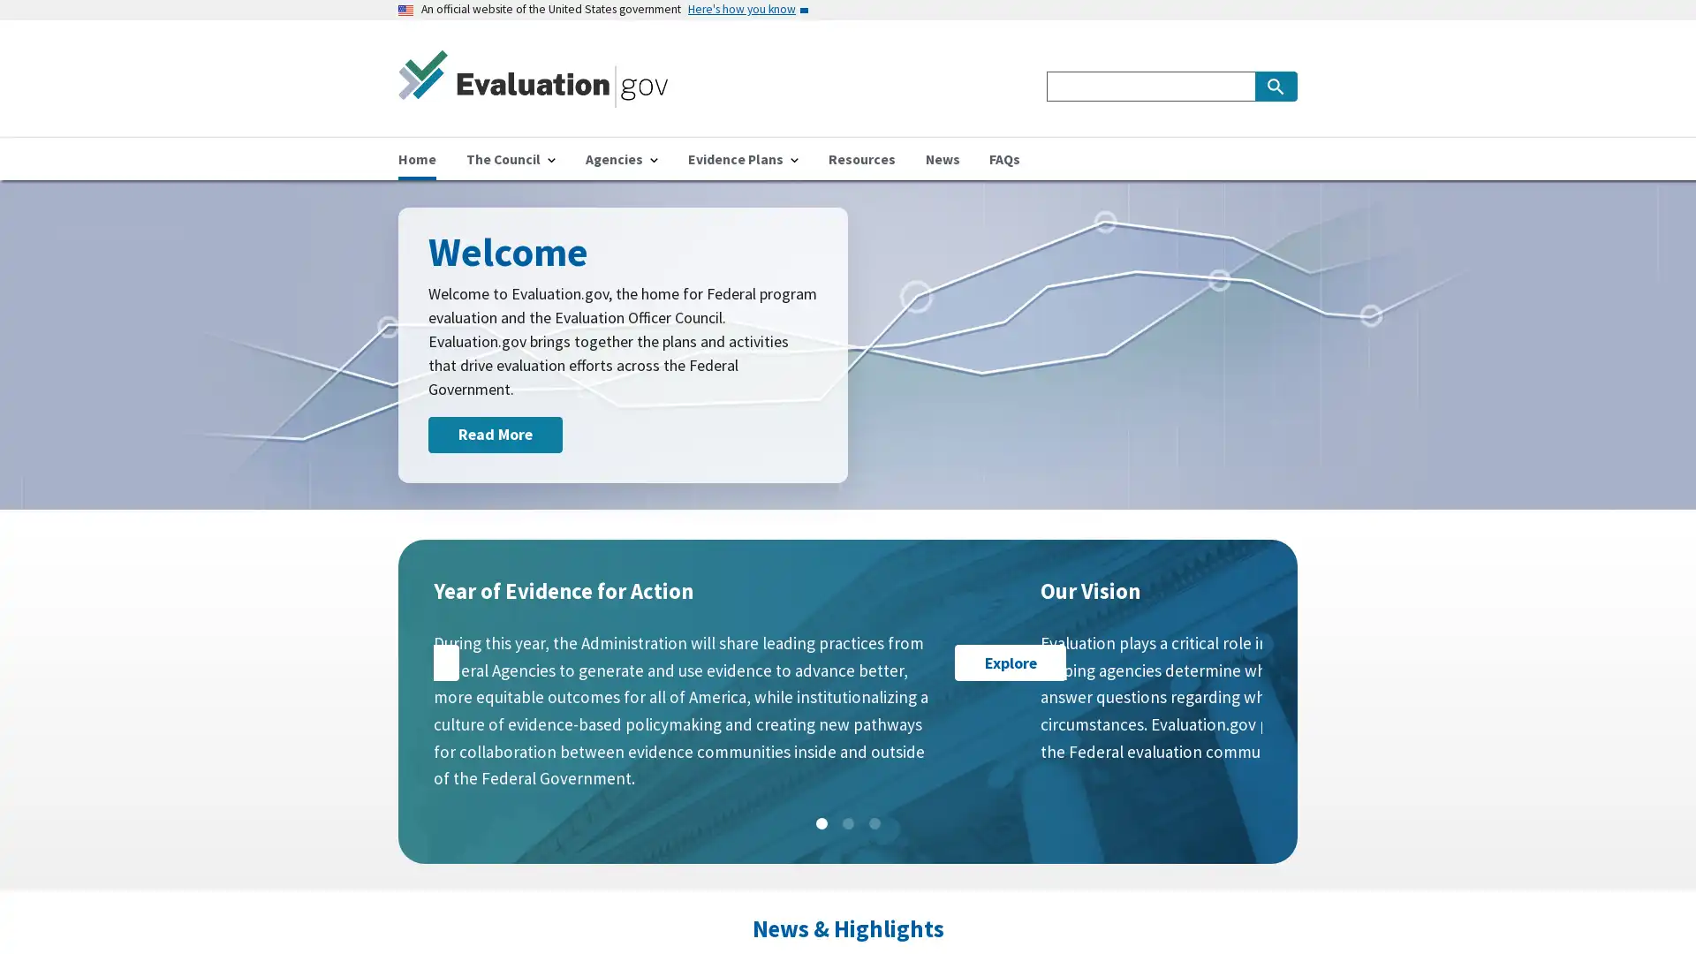 This screenshot has width=1696, height=954. What do you see at coordinates (821, 797) in the screenshot?
I see `Slide: 1` at bounding box center [821, 797].